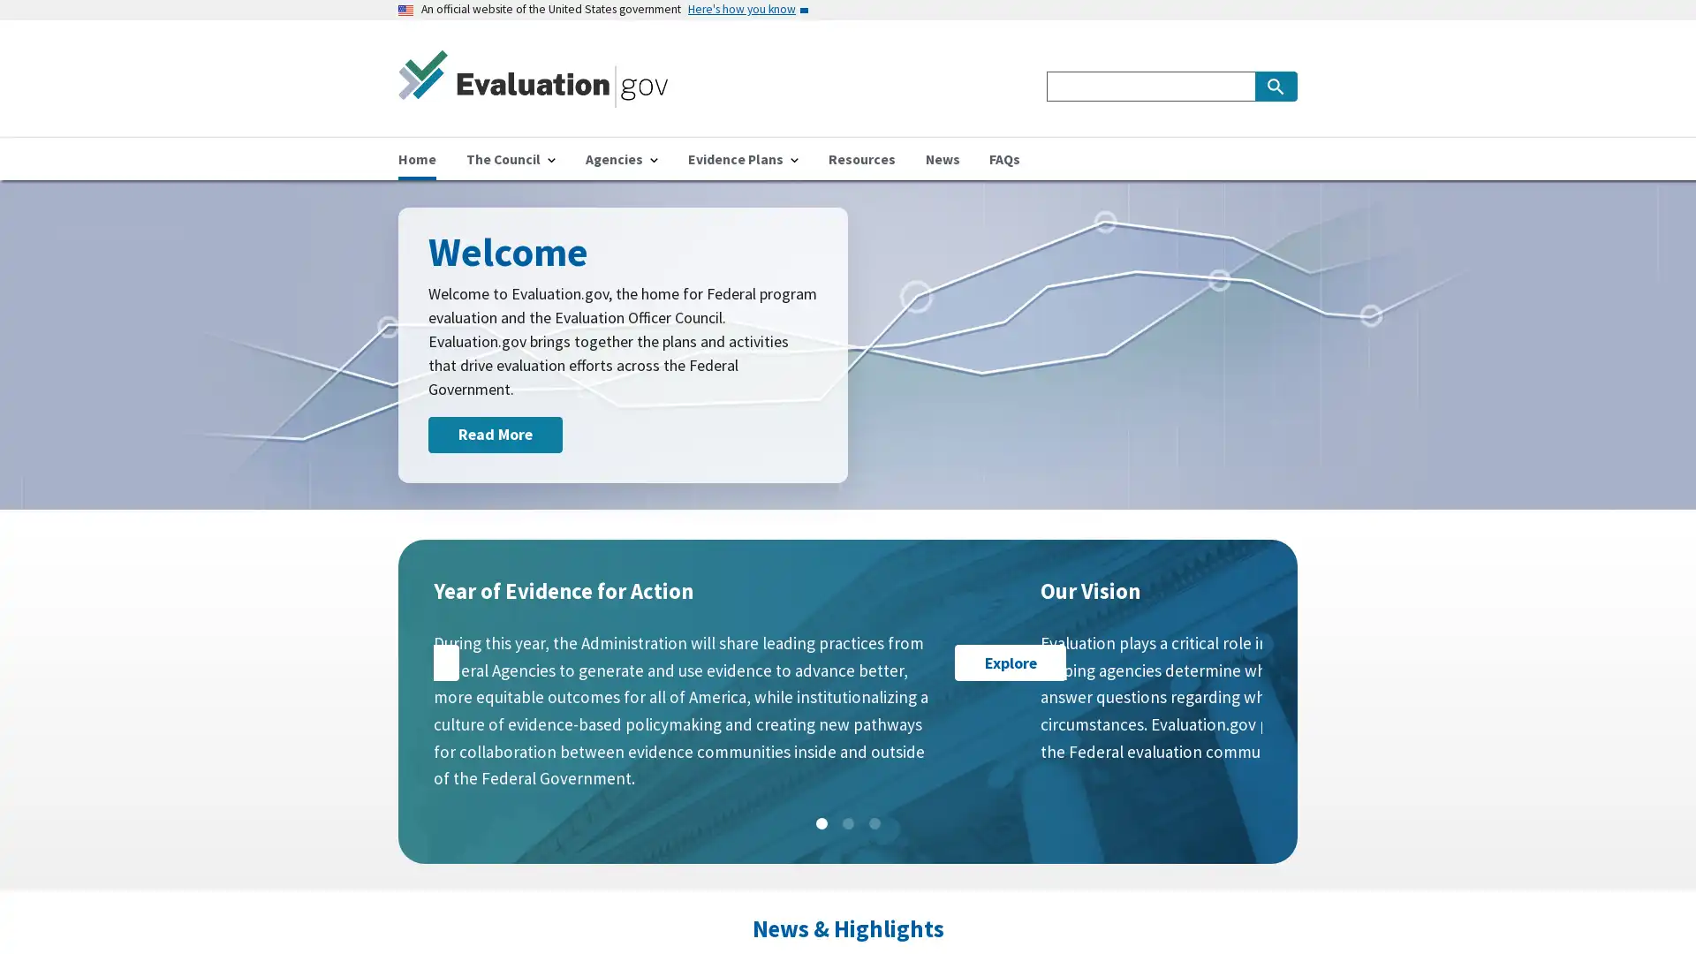 This screenshot has width=1696, height=954. What do you see at coordinates (821, 797) in the screenshot?
I see `Slide: 1` at bounding box center [821, 797].